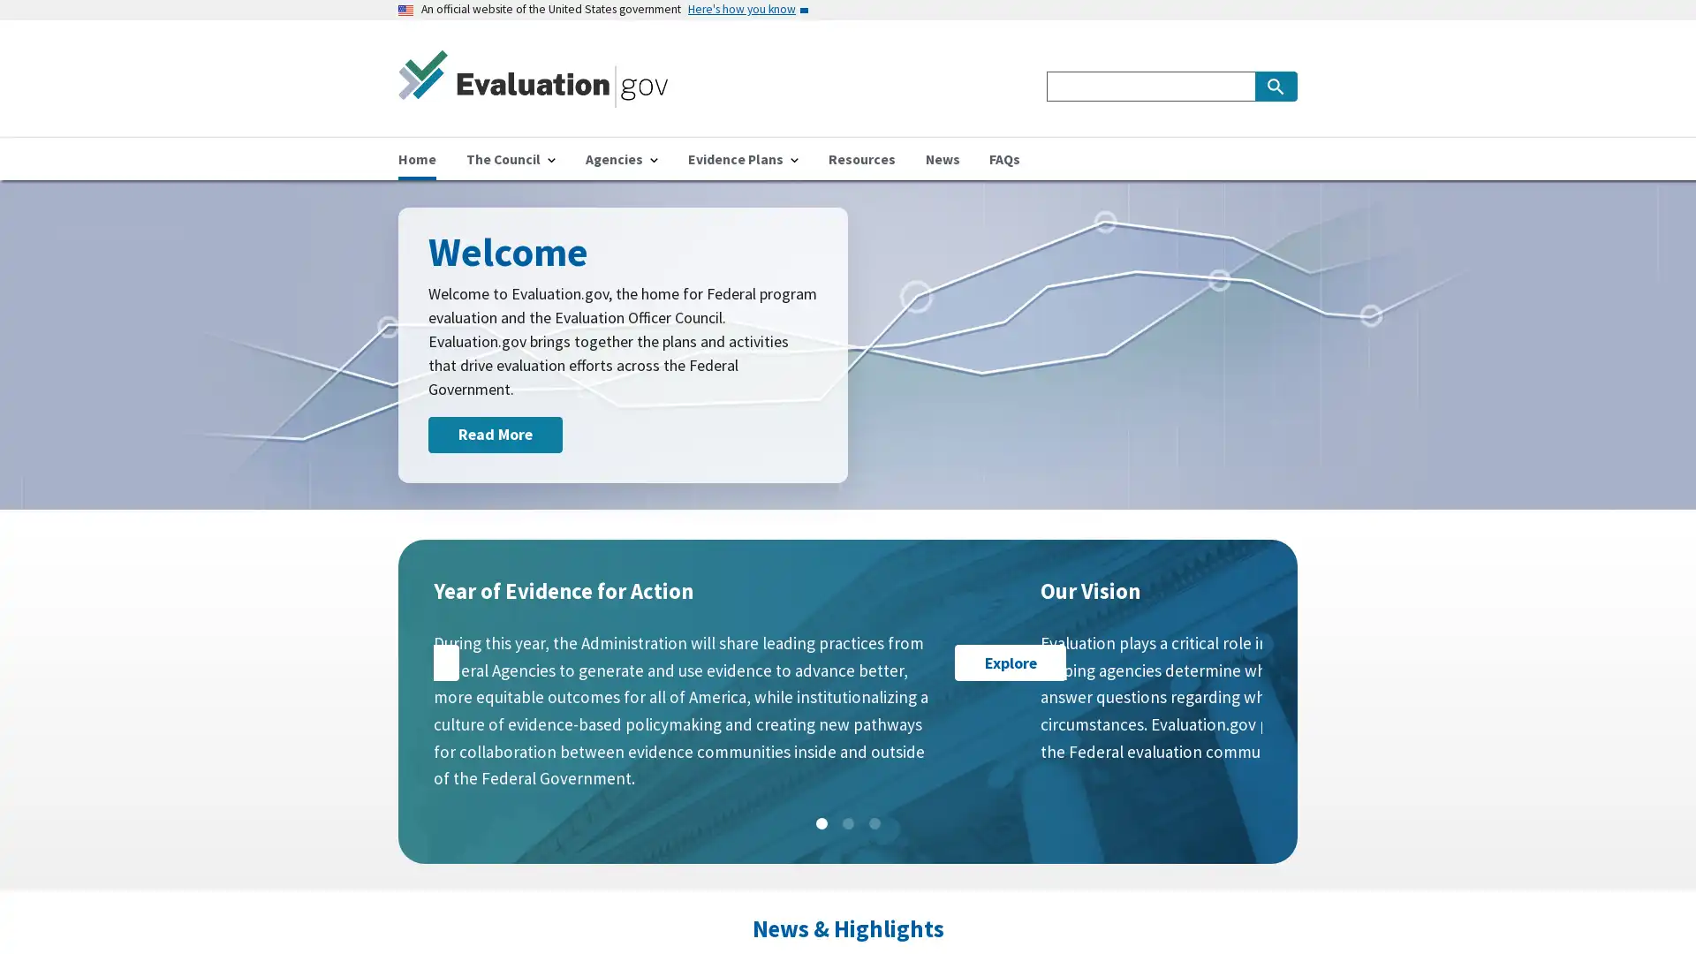 This screenshot has width=1696, height=954. What do you see at coordinates (821, 797) in the screenshot?
I see `Slide: 1` at bounding box center [821, 797].